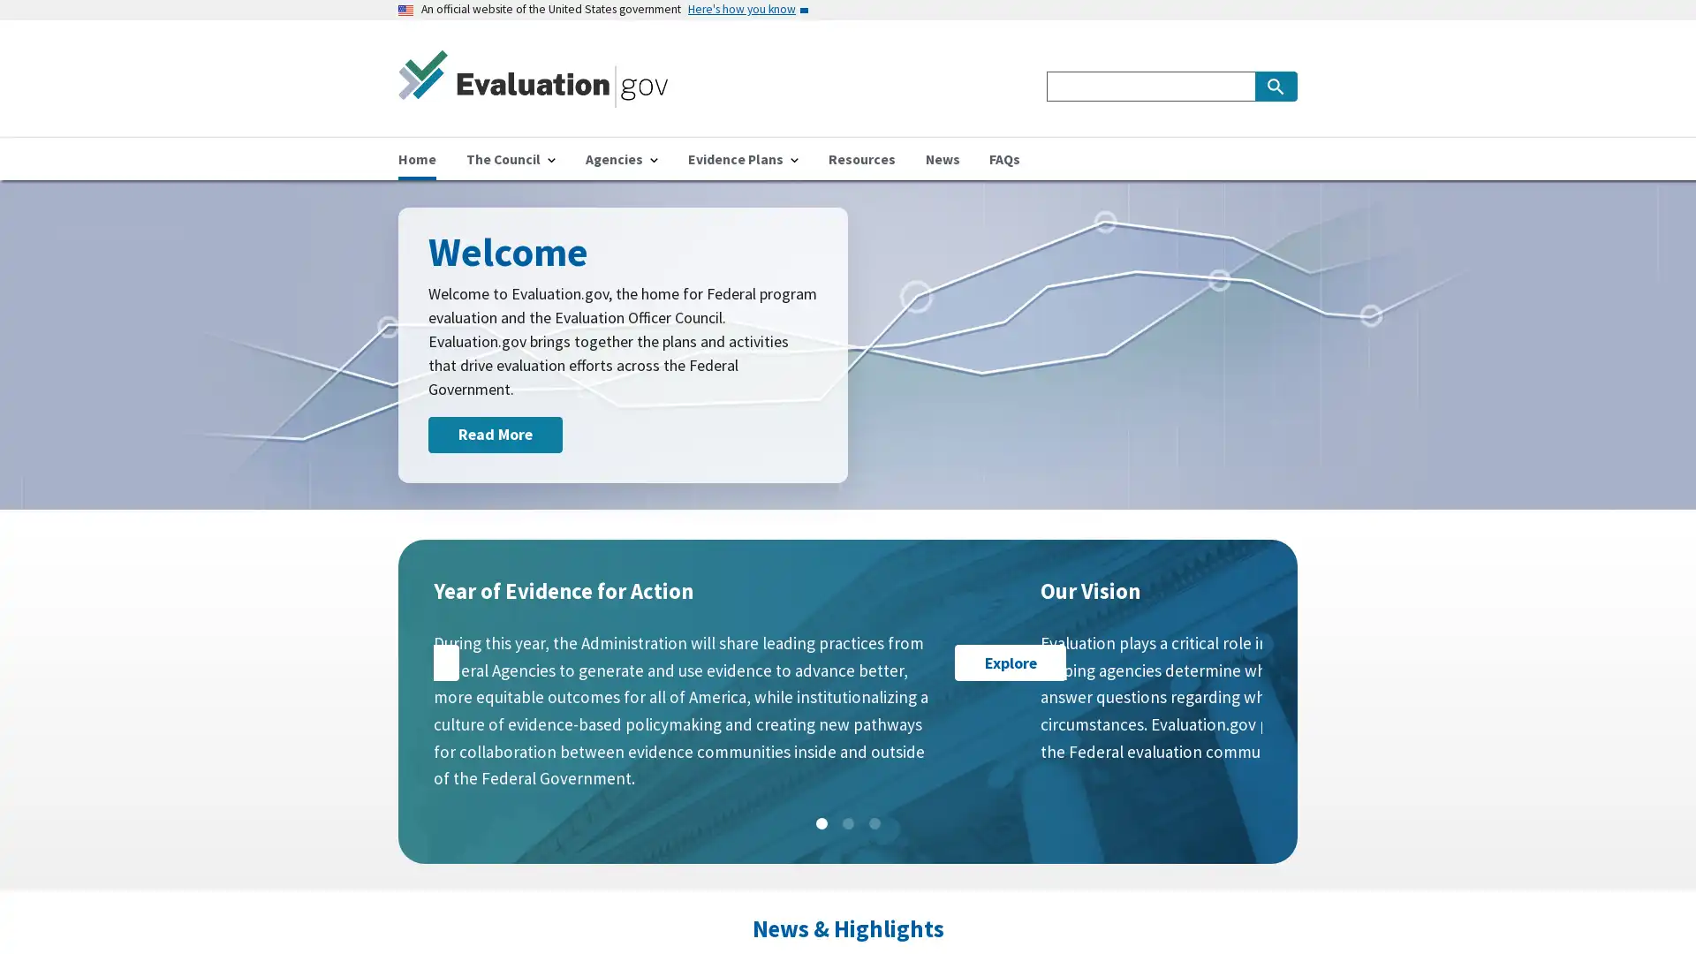 This screenshot has width=1696, height=954. What do you see at coordinates (821, 797) in the screenshot?
I see `Slide: 1` at bounding box center [821, 797].